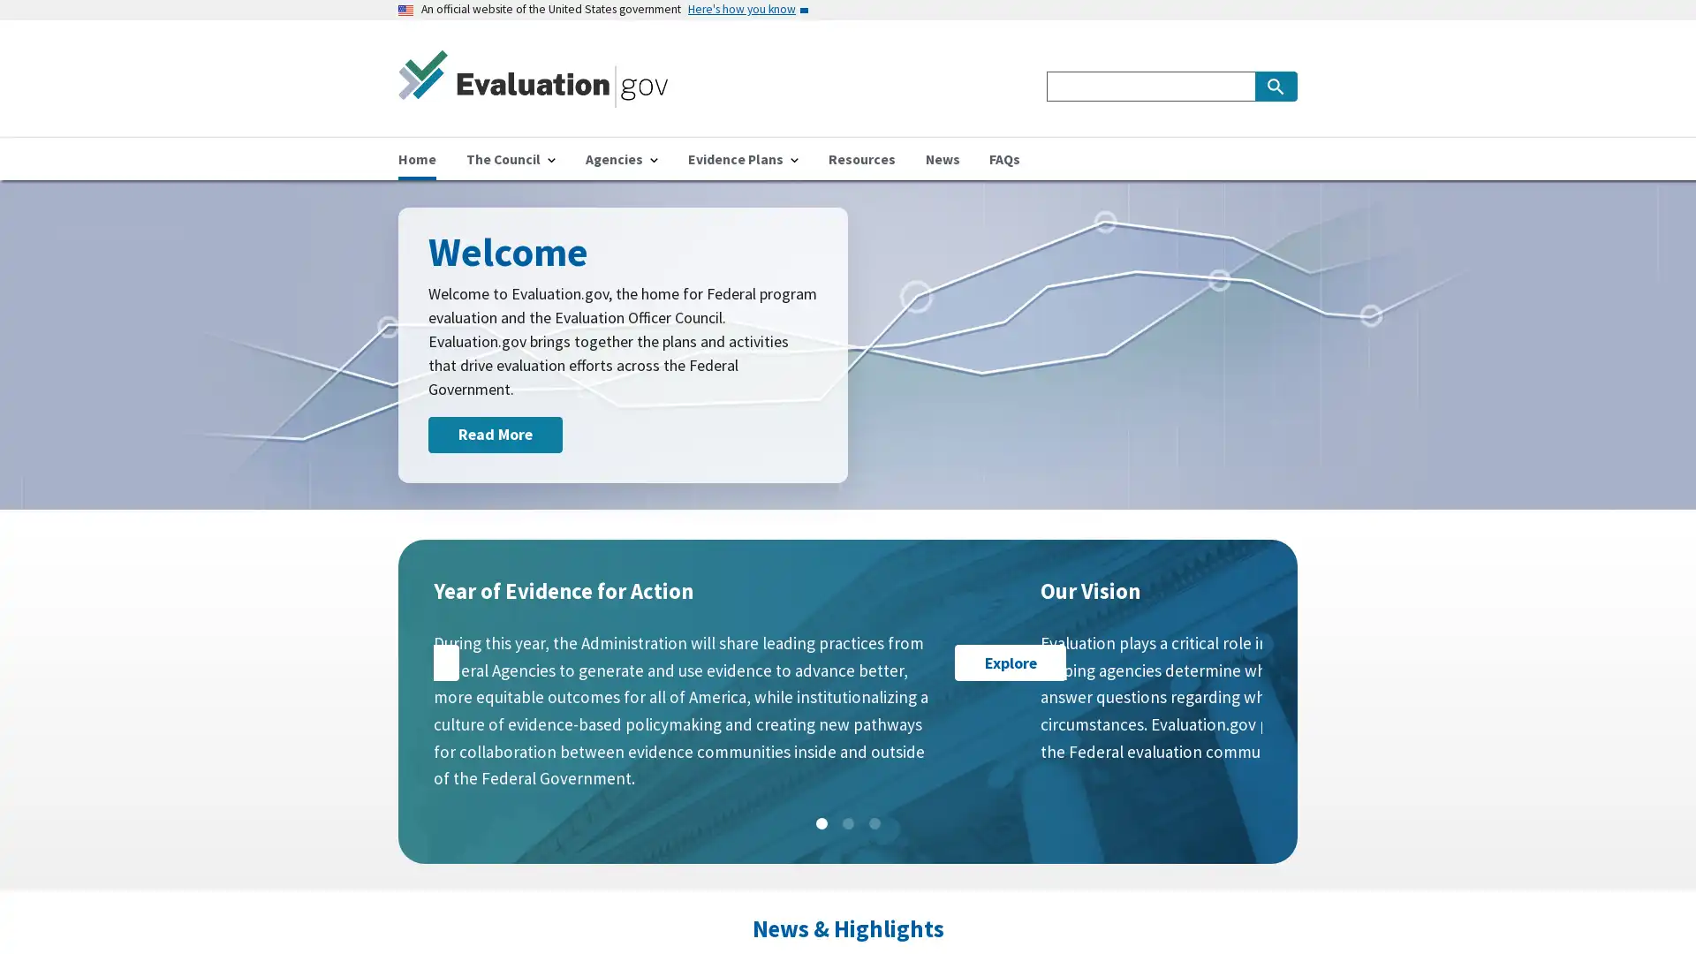 This screenshot has width=1696, height=954. What do you see at coordinates (821, 797) in the screenshot?
I see `Slide: 1` at bounding box center [821, 797].